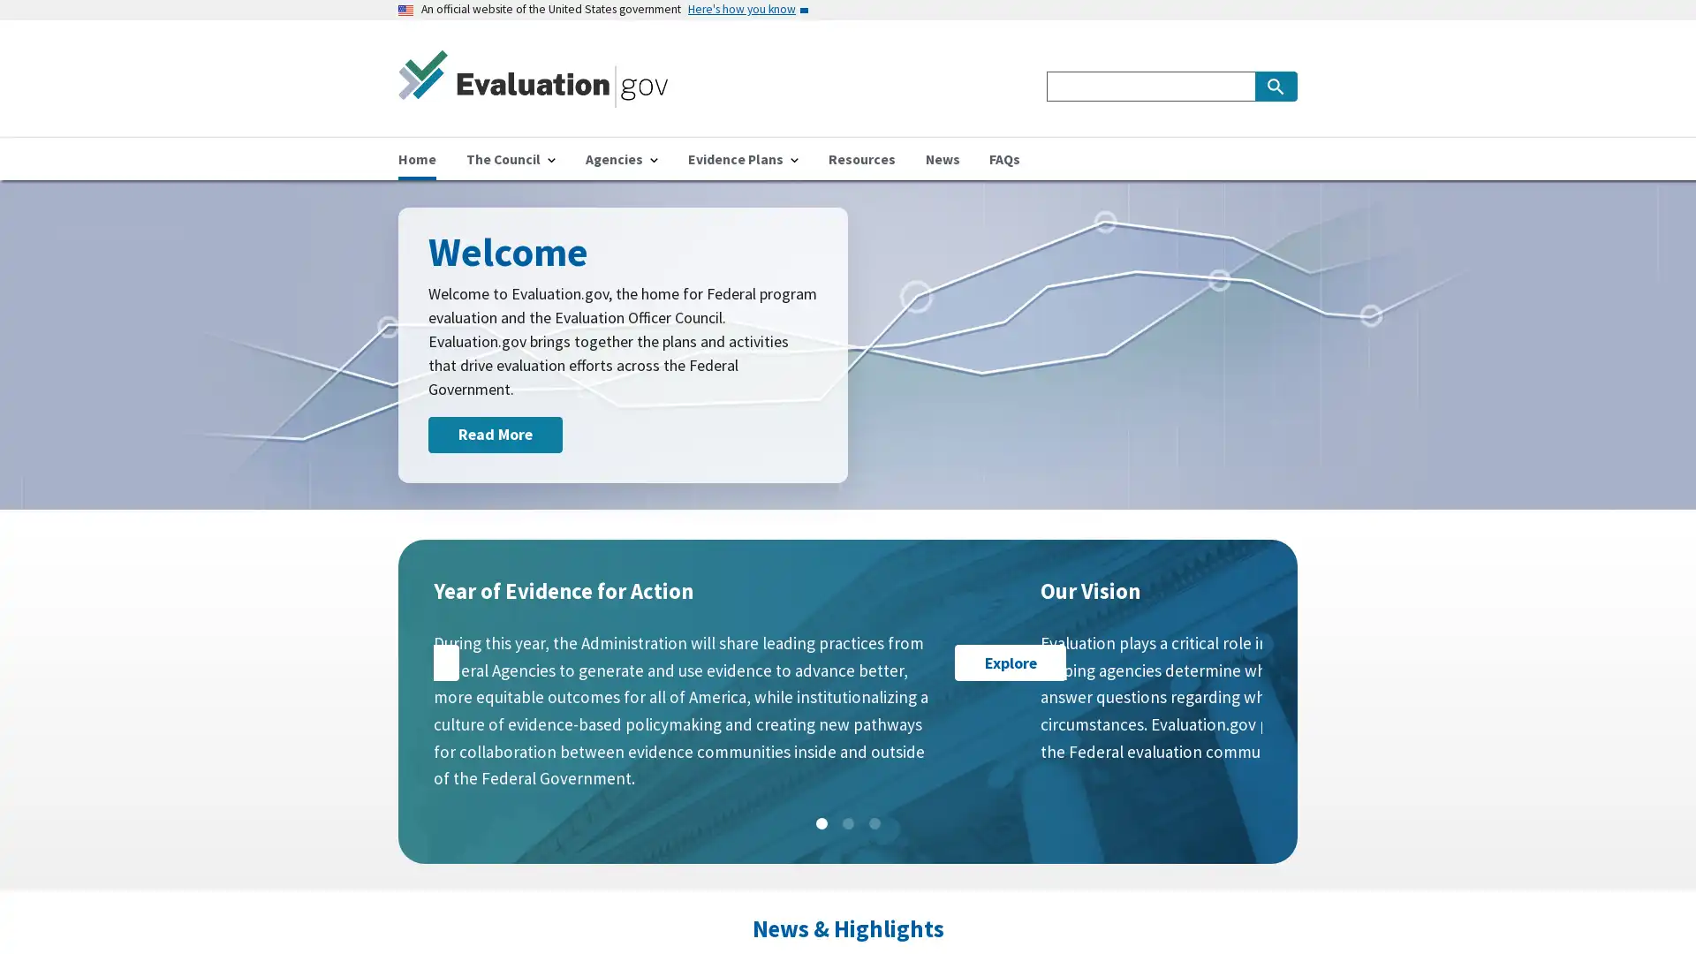 This screenshot has width=1696, height=954. What do you see at coordinates (821, 797) in the screenshot?
I see `Slide: 1` at bounding box center [821, 797].